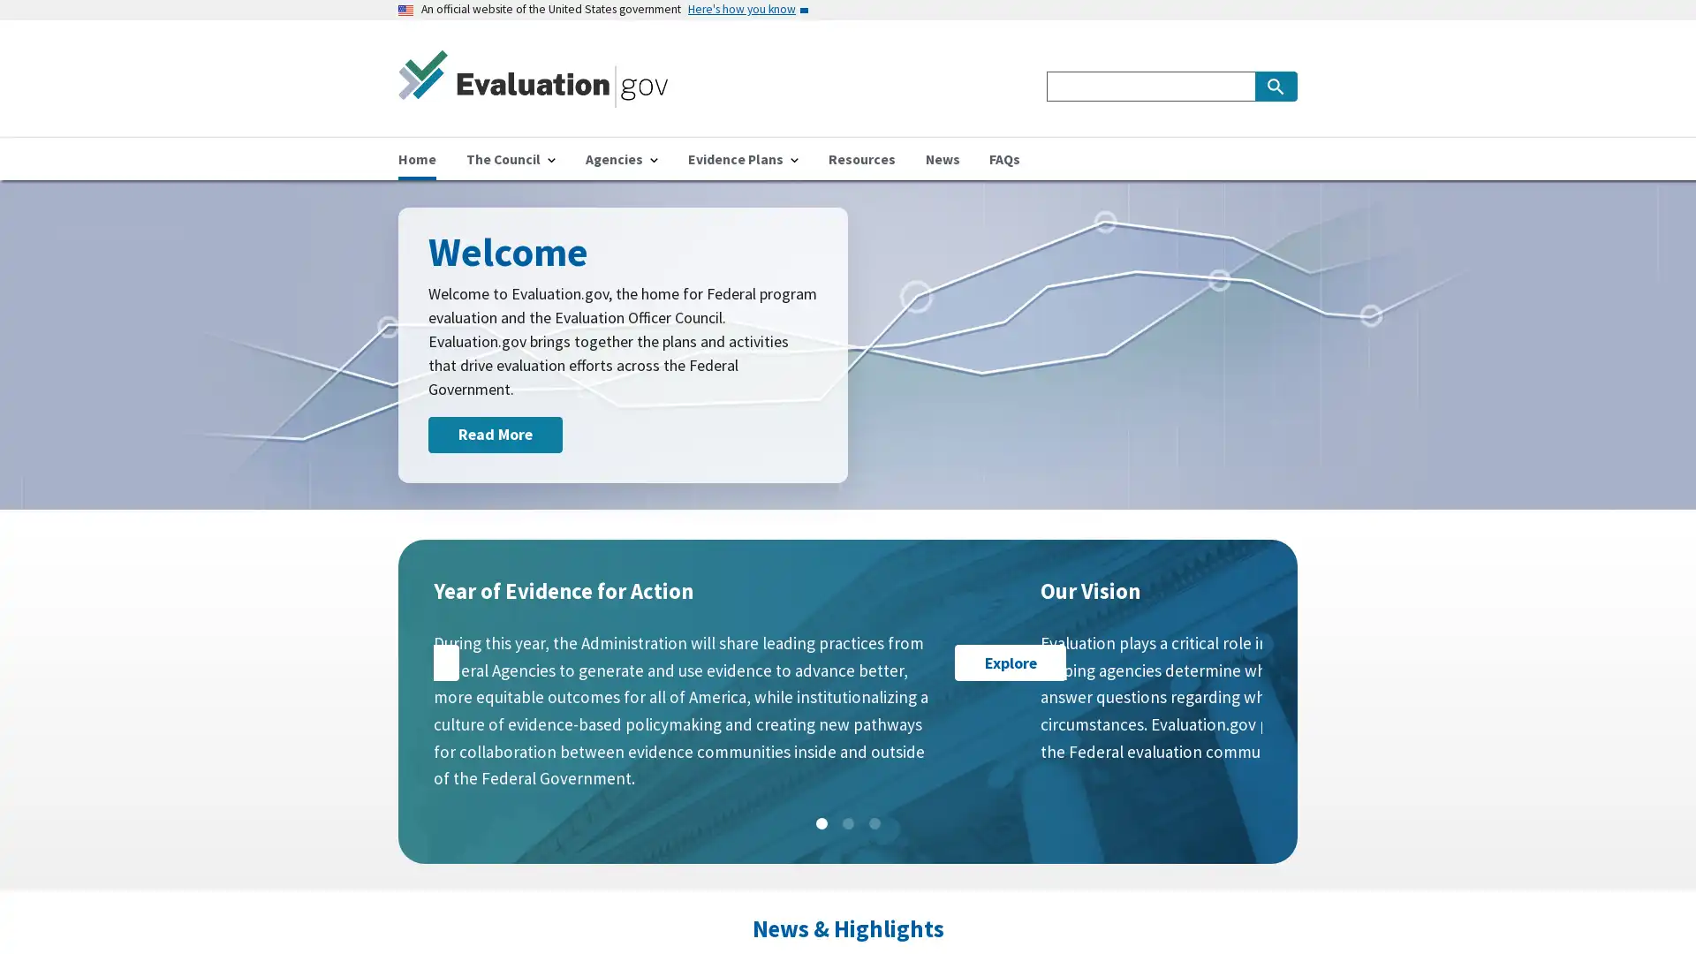 This screenshot has width=1696, height=954. What do you see at coordinates (821, 797) in the screenshot?
I see `Slide: 1` at bounding box center [821, 797].